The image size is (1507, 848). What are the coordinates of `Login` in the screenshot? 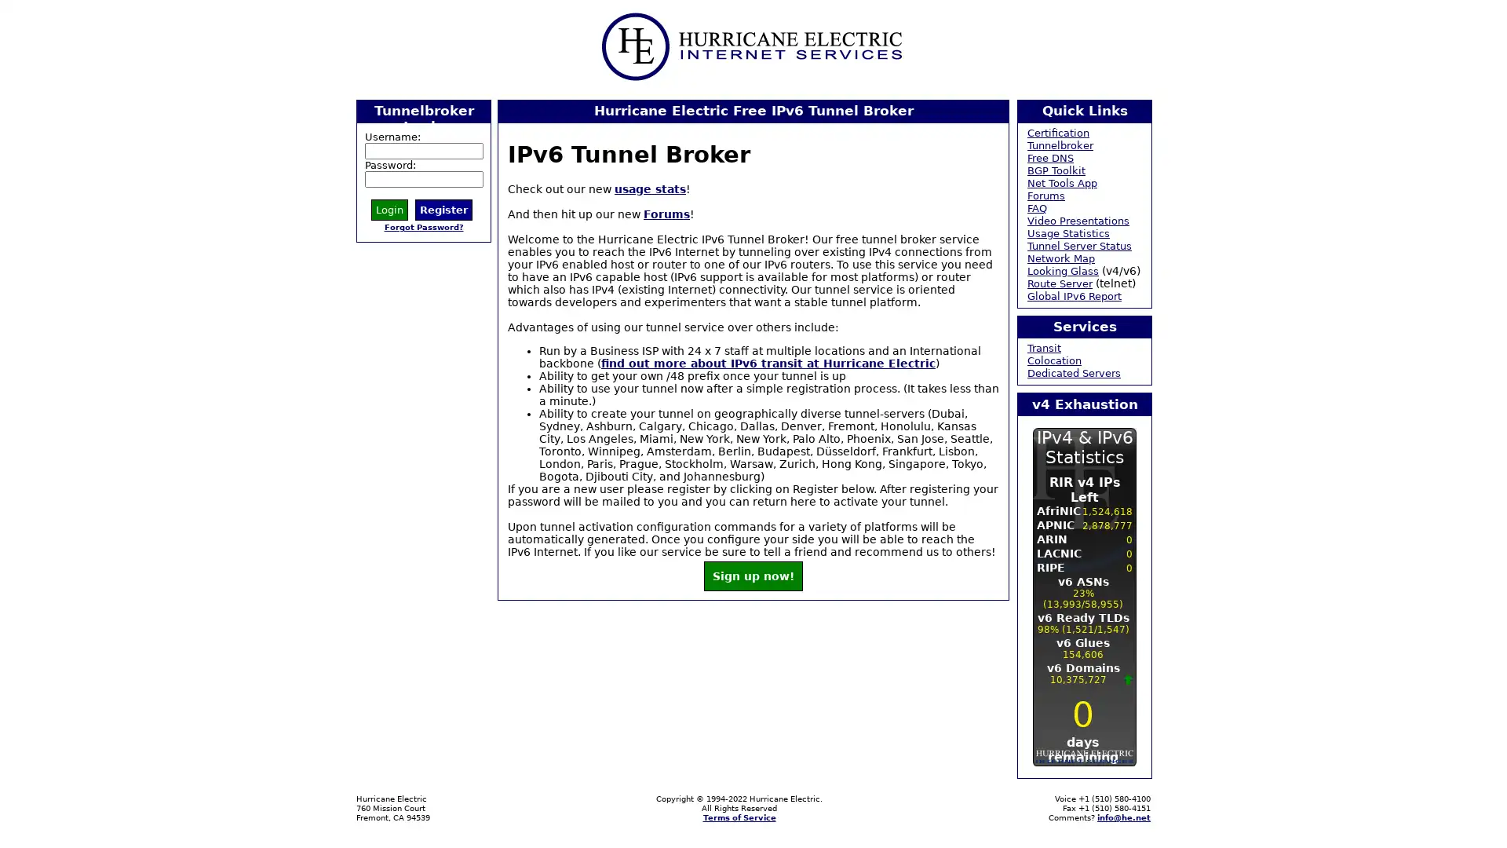 It's located at (389, 208).